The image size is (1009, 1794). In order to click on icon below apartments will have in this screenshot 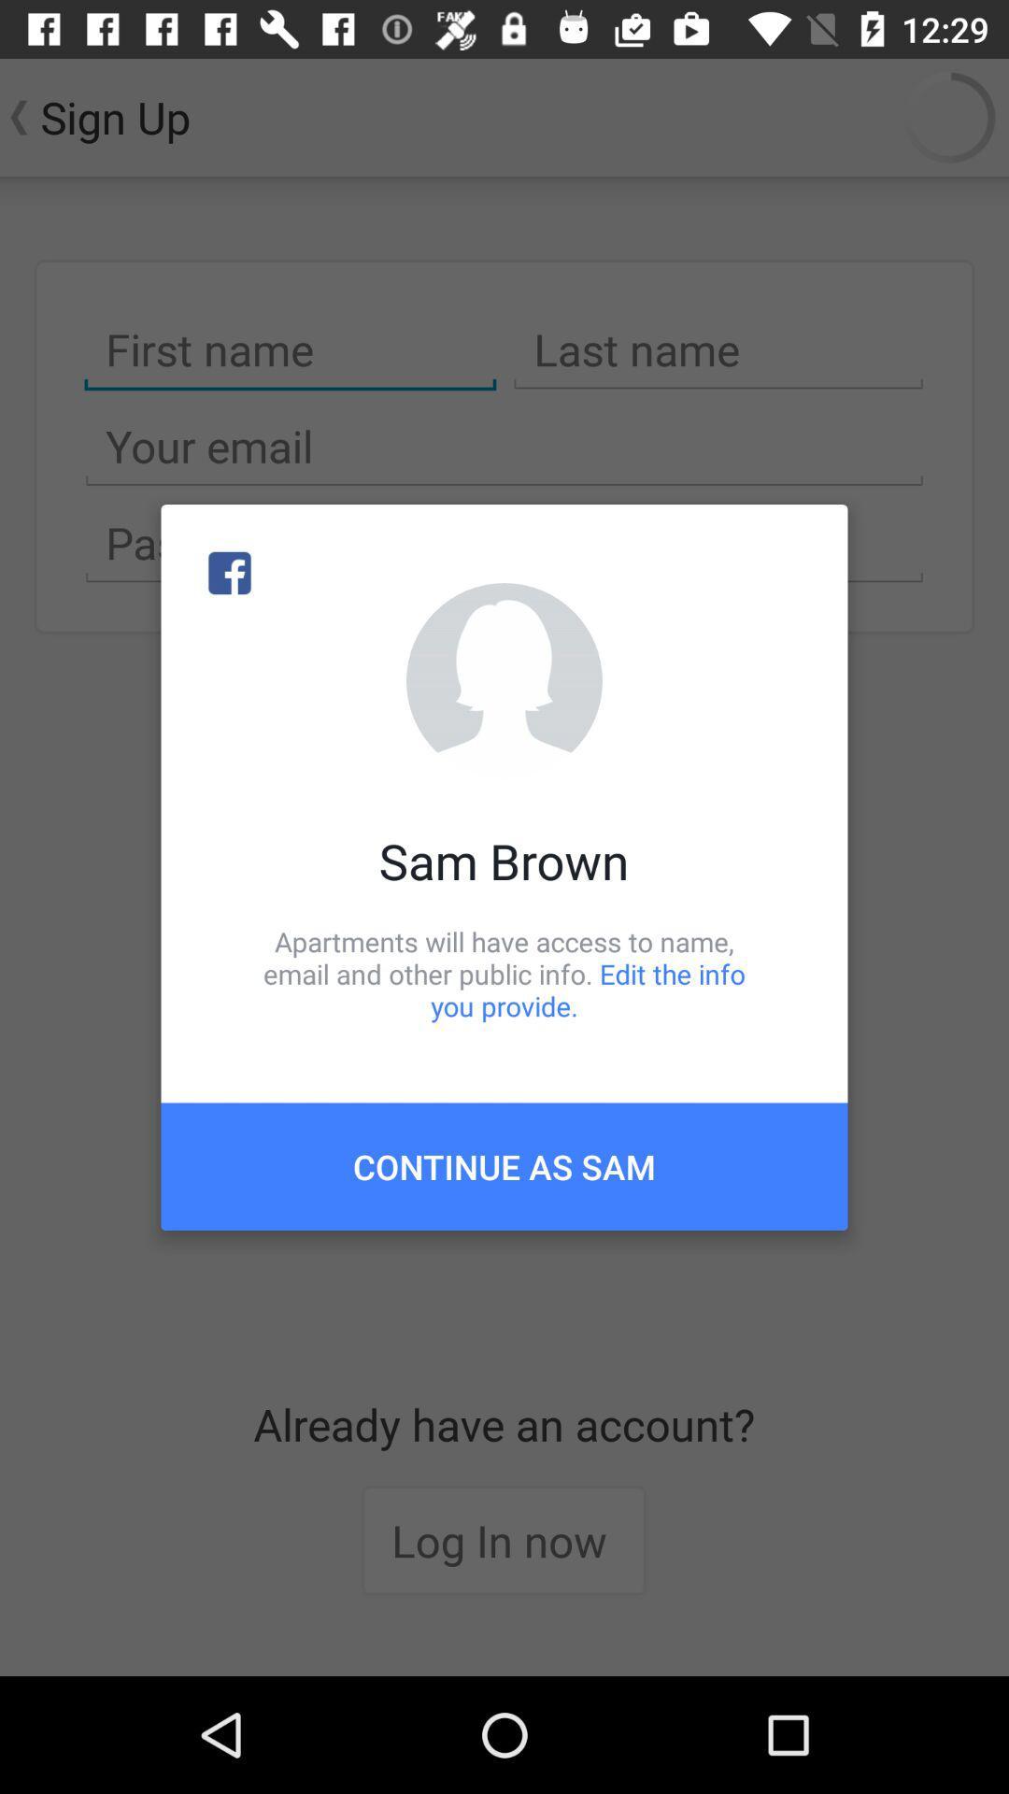, I will do `click(504, 1165)`.